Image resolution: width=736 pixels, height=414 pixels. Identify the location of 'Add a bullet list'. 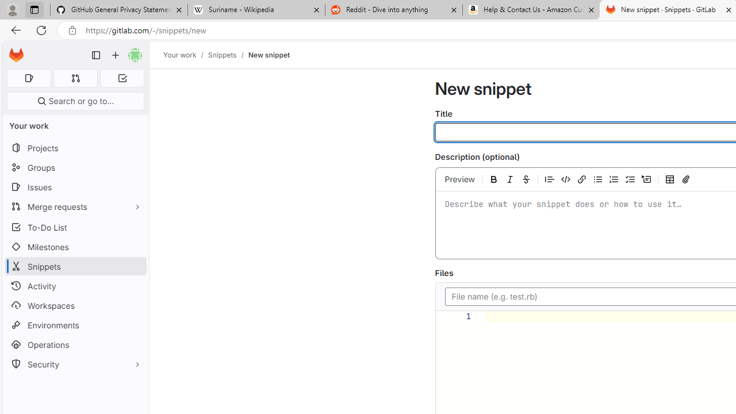
(598, 179).